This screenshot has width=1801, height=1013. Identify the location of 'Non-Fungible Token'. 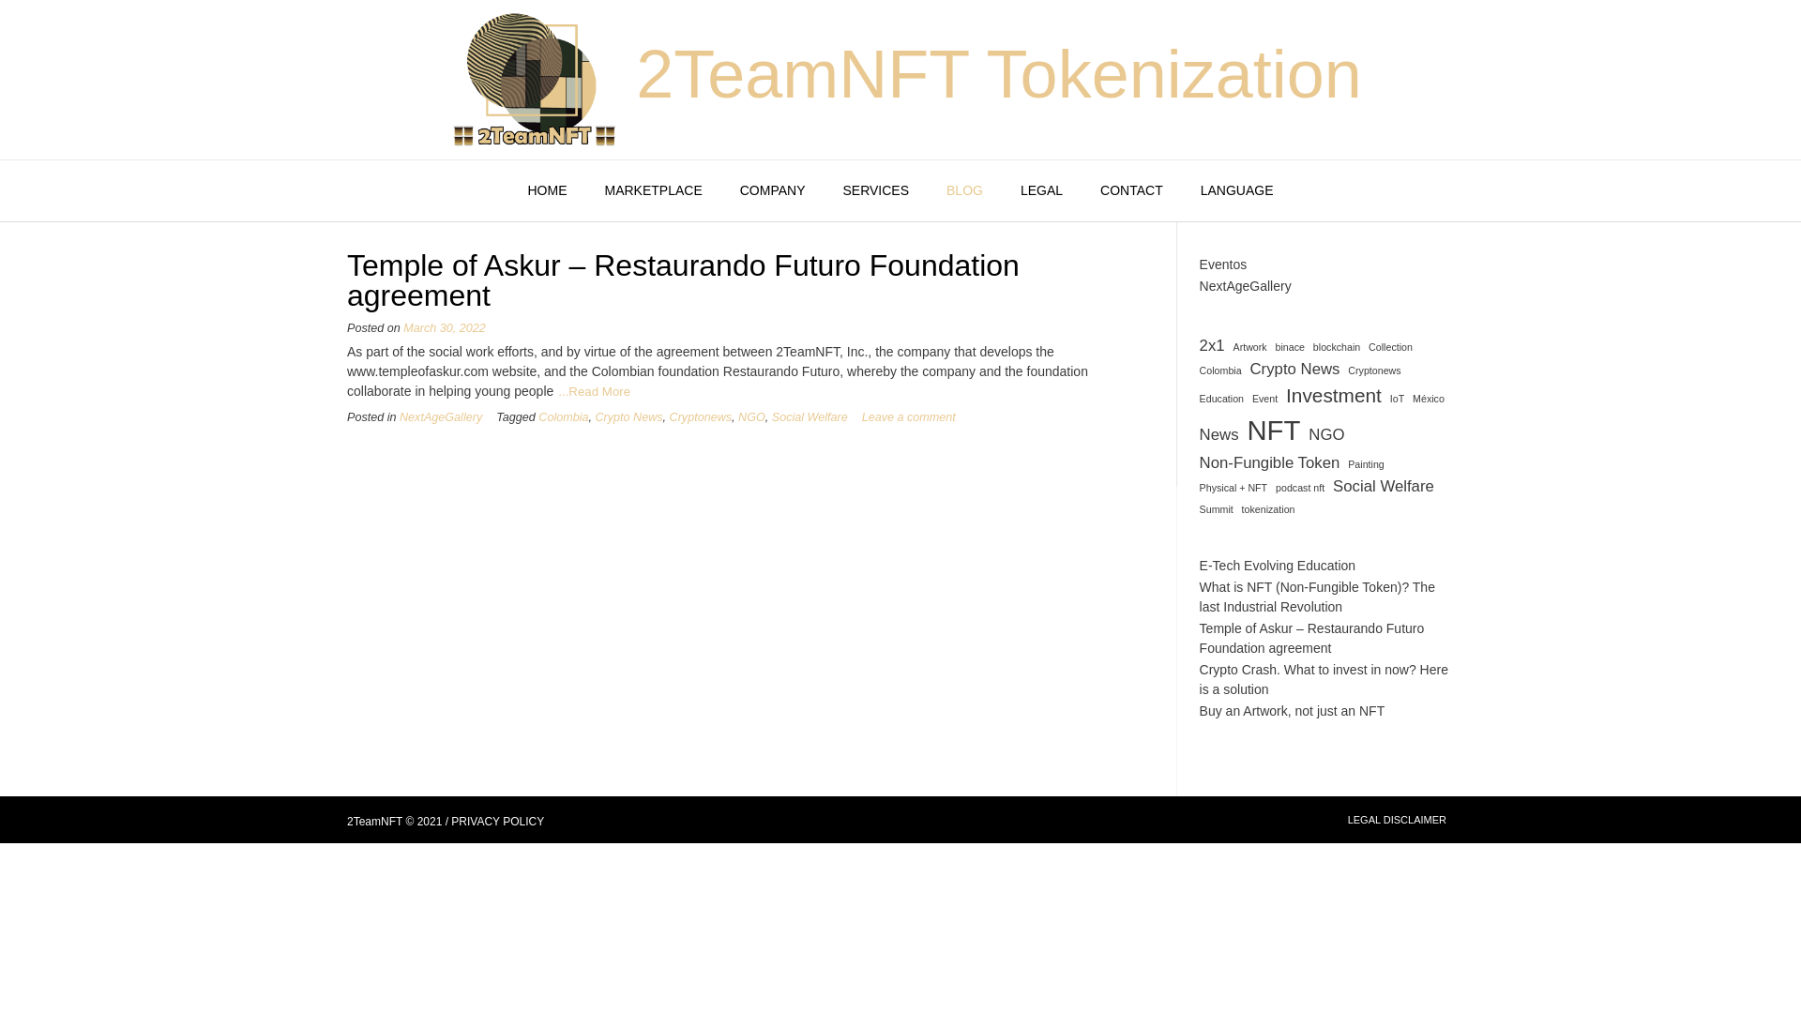
(1269, 462).